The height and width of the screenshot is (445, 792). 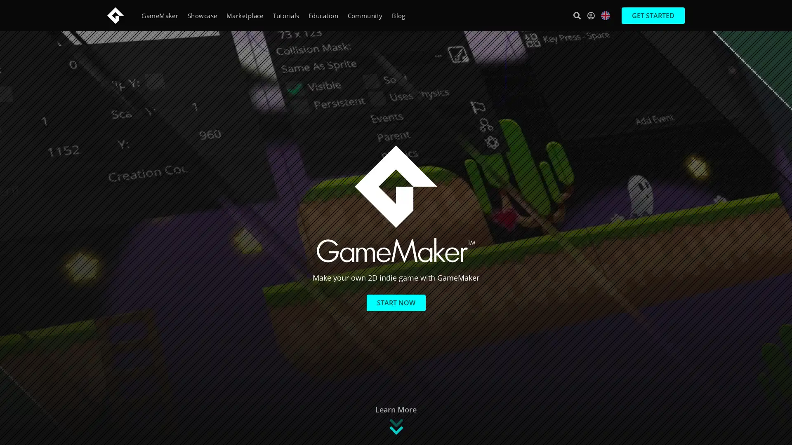 What do you see at coordinates (576, 15) in the screenshot?
I see `Search` at bounding box center [576, 15].